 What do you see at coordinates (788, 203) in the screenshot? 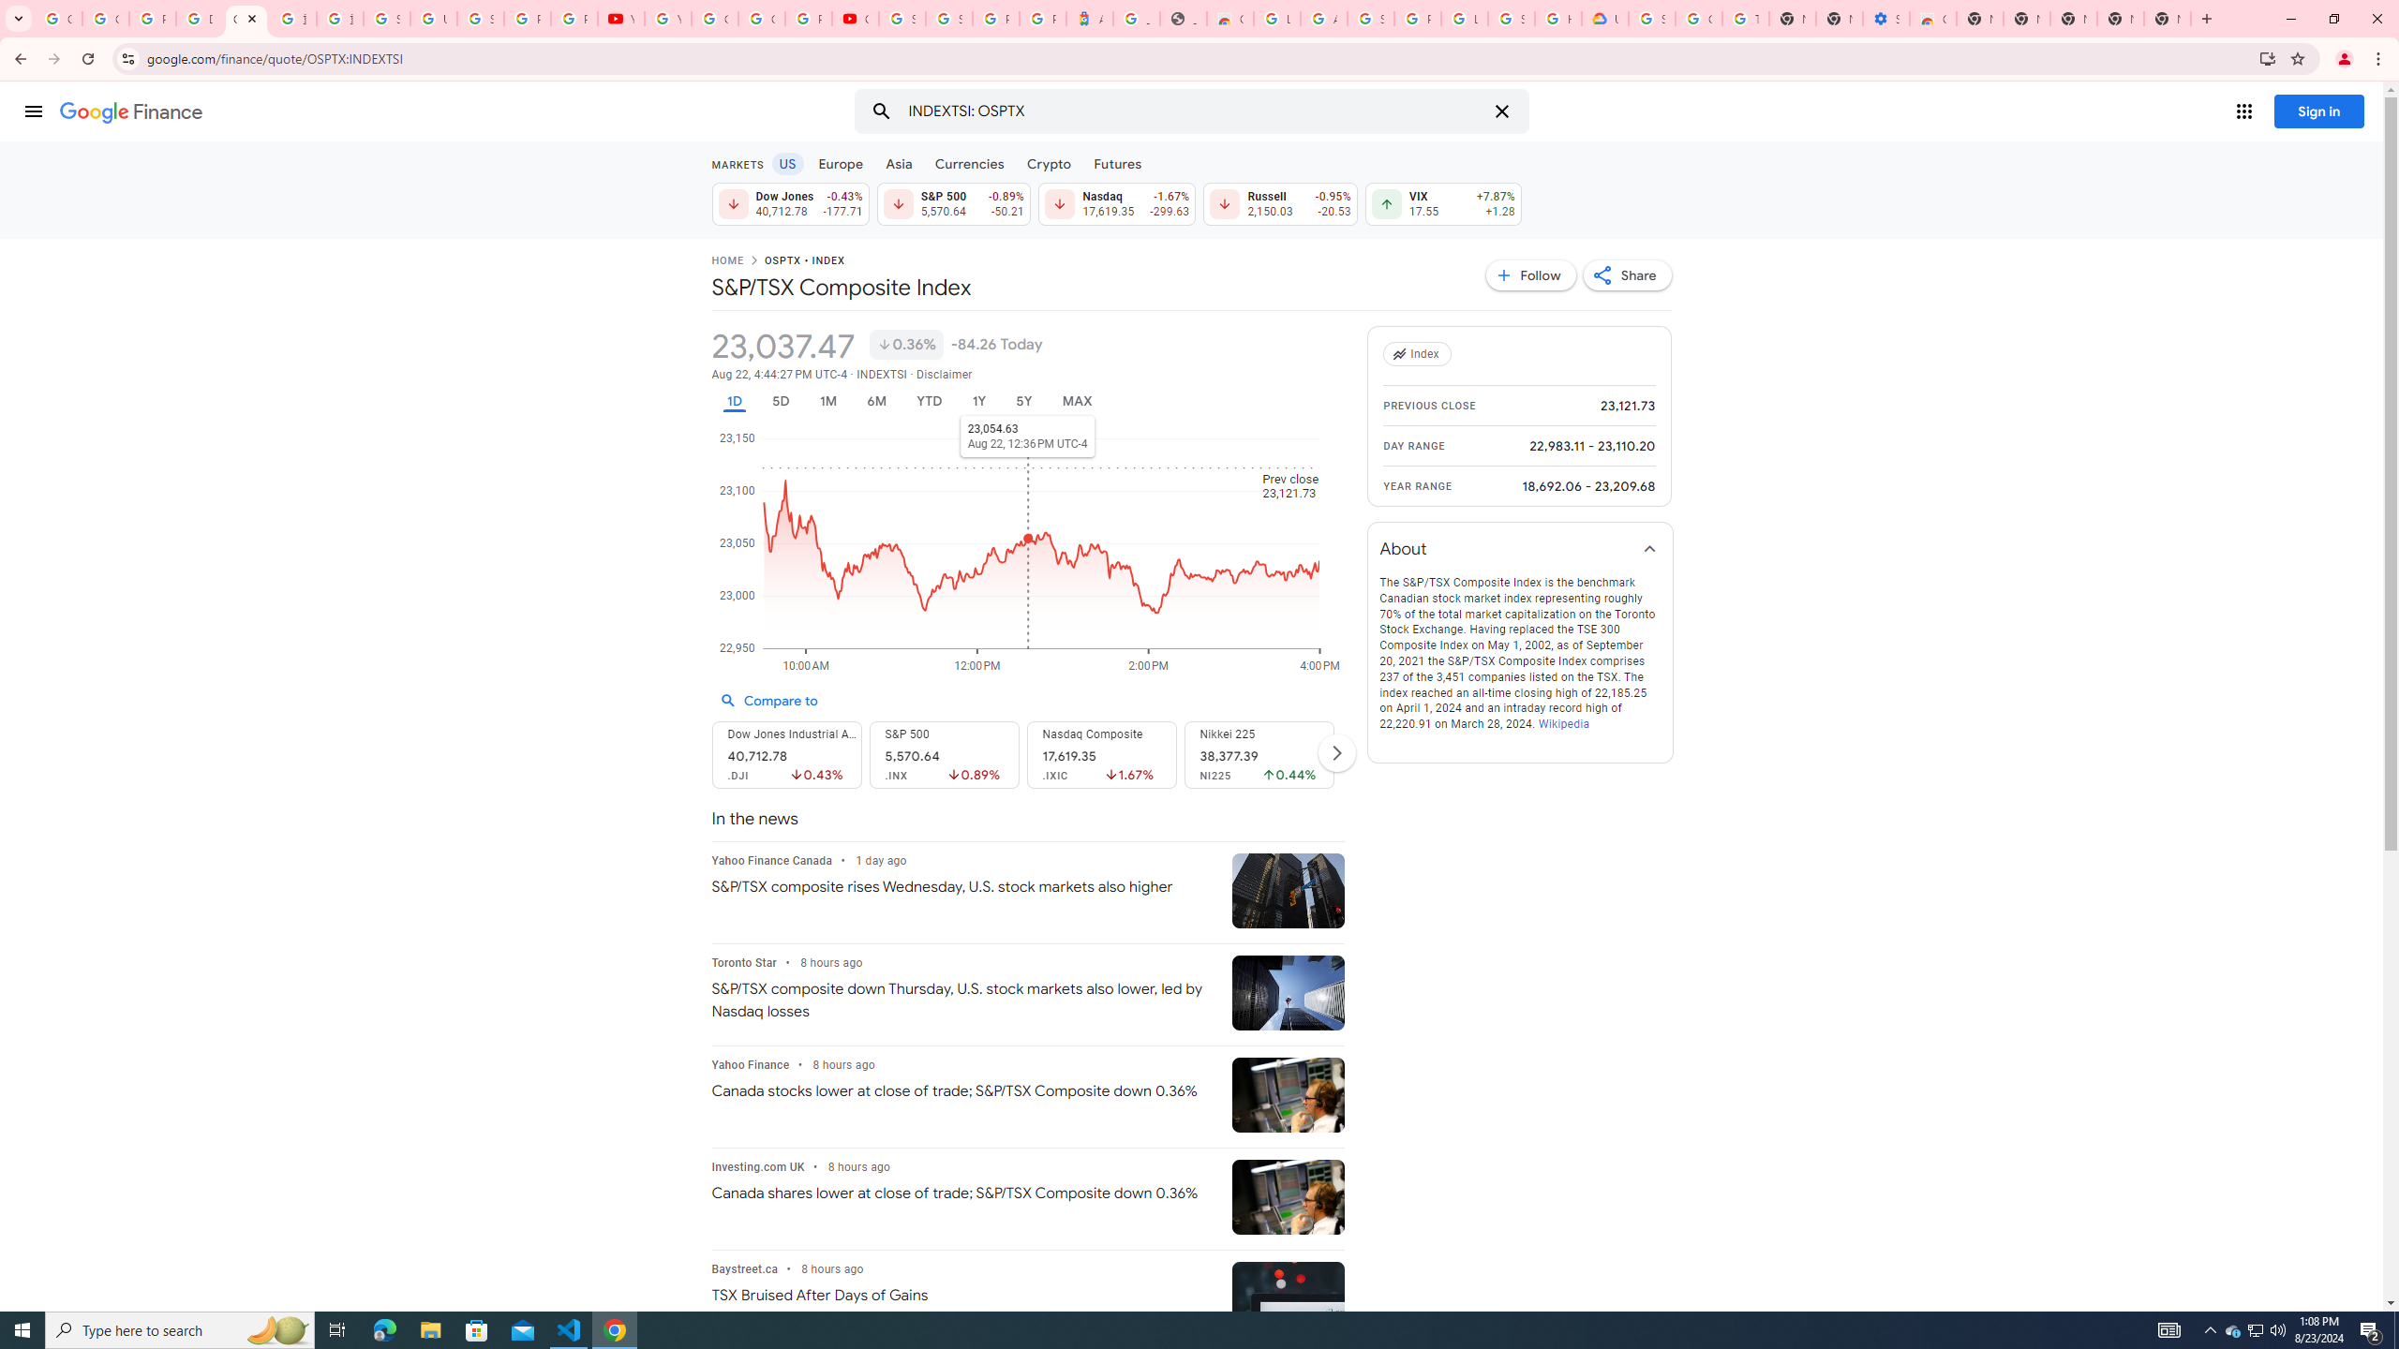
I see `'Dow Jones 40,712.78 Down by 0.43% -177.71'` at bounding box center [788, 203].